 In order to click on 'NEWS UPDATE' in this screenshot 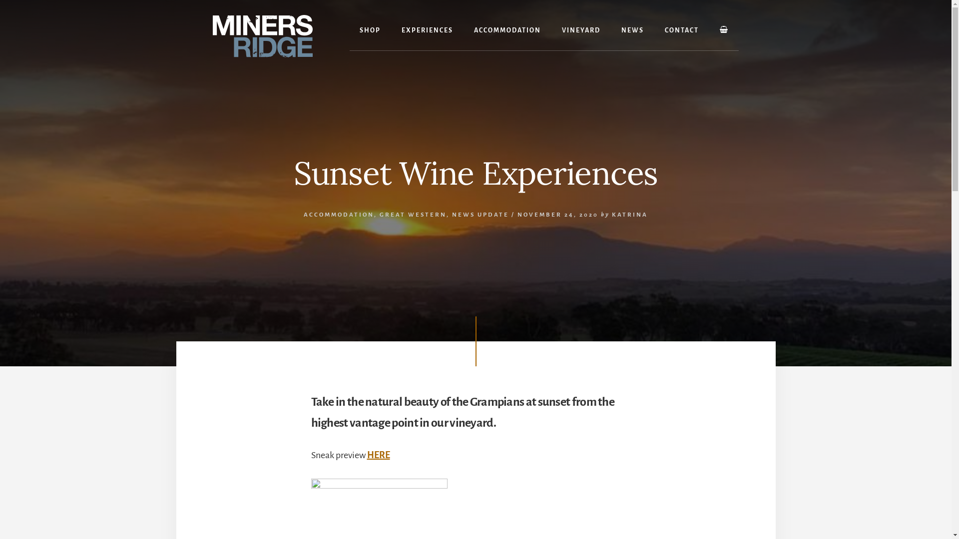, I will do `click(480, 214)`.